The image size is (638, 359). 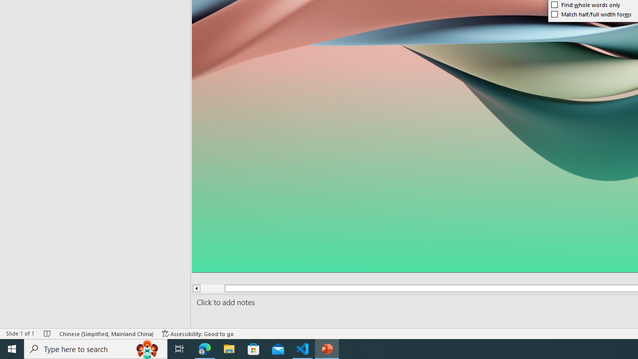 What do you see at coordinates (586, 5) in the screenshot?
I see `'Find whole words only'` at bounding box center [586, 5].